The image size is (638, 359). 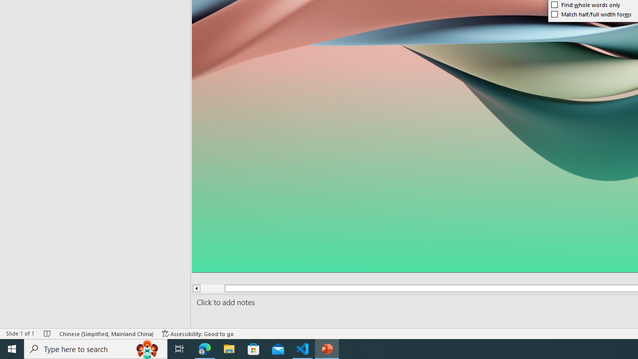 What do you see at coordinates (586, 5) in the screenshot?
I see `'Find whole words only'` at bounding box center [586, 5].